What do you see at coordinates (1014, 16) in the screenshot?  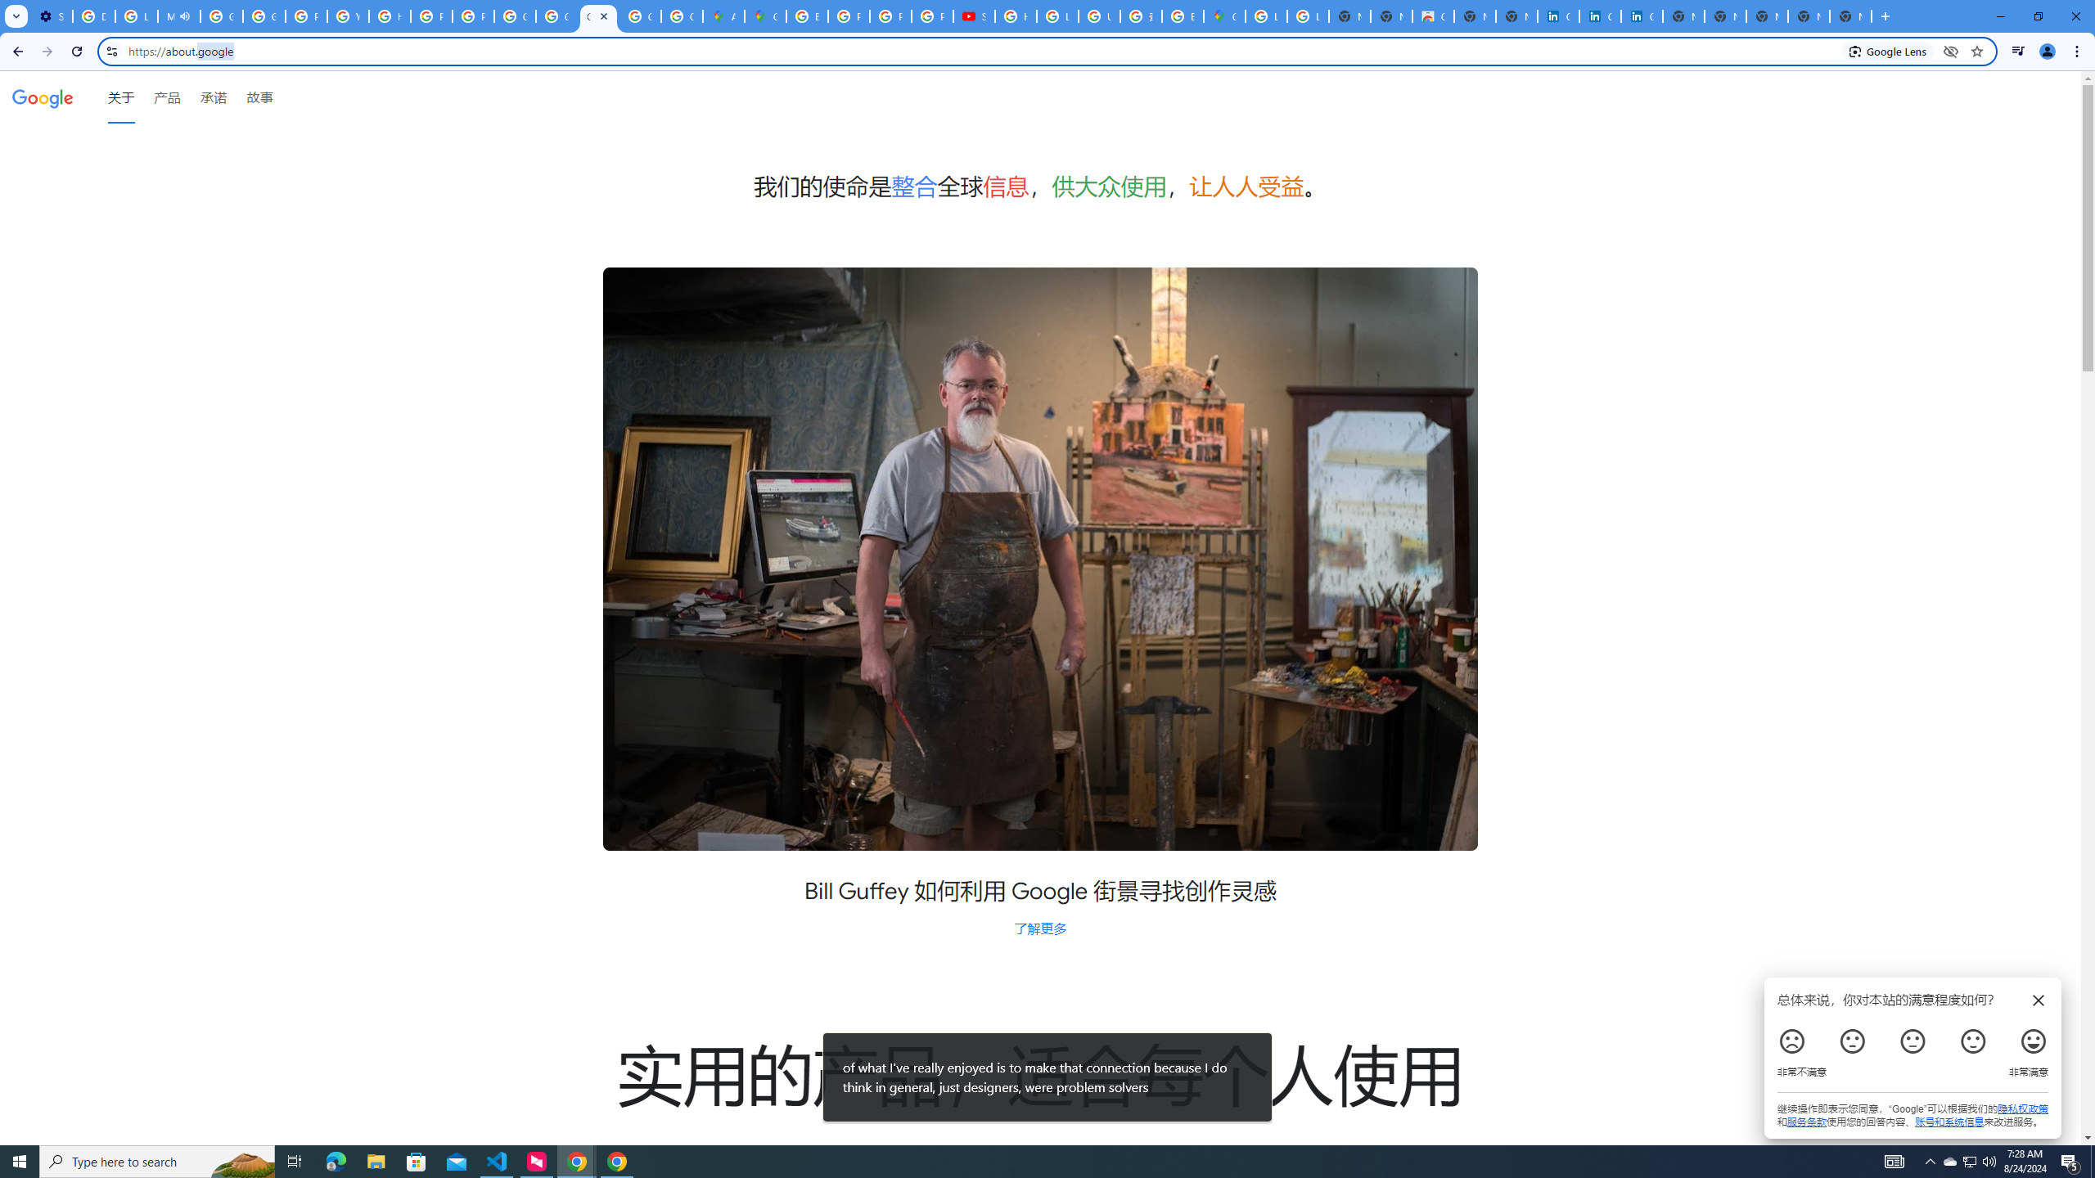 I see `'How Chrome protects your passwords - Google Chrome Help'` at bounding box center [1014, 16].